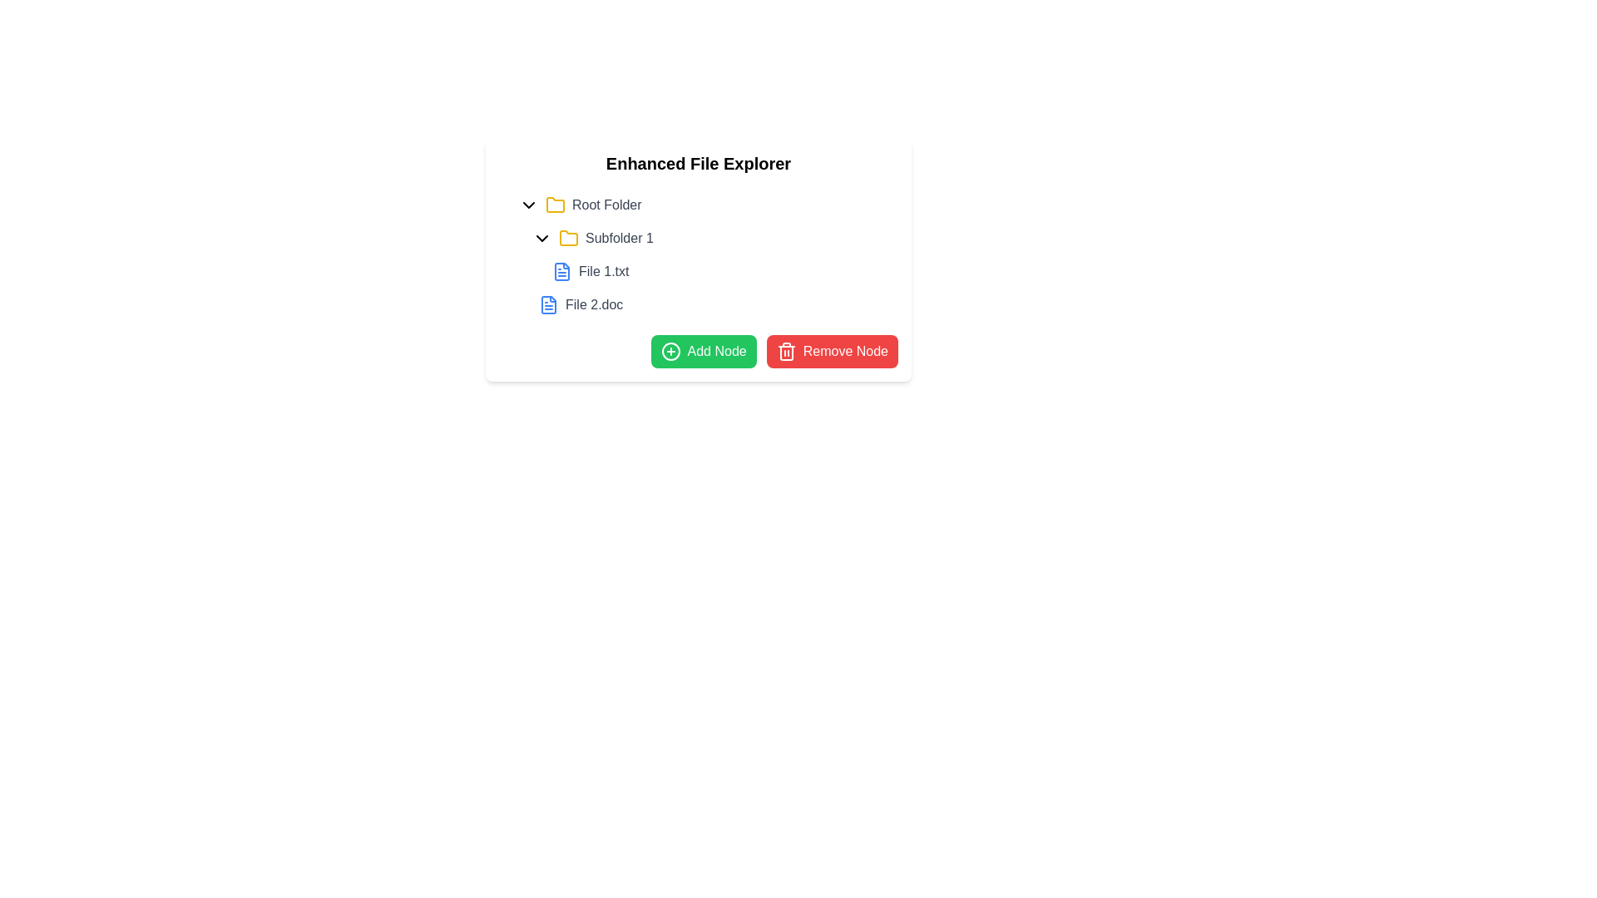  Describe the element at coordinates (593, 204) in the screenshot. I see `the 'Root Folder' tree item, which is represented by a yellow folder icon and medium gray text` at that location.